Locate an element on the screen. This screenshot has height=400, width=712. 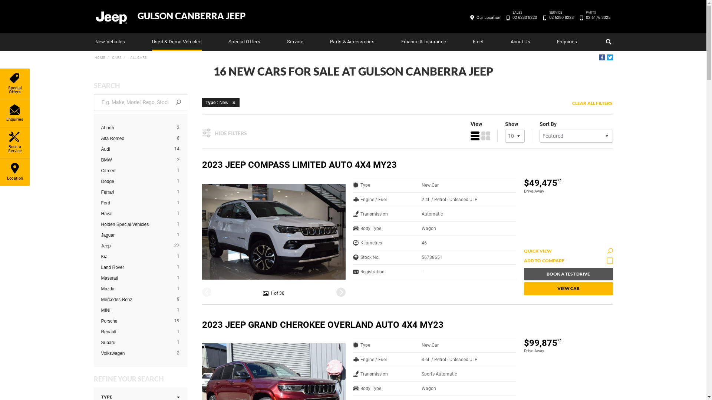
'CLEAR ALL FILTERS' is located at coordinates (592, 103).